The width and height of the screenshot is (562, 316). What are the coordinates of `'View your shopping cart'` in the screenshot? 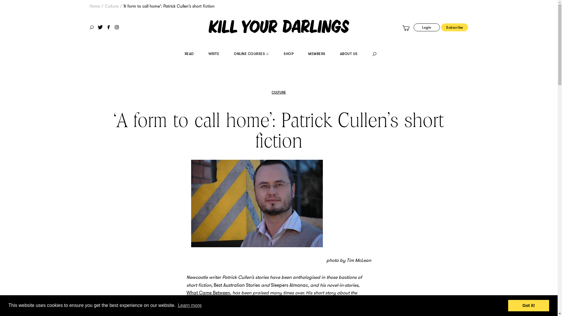 It's located at (406, 28).